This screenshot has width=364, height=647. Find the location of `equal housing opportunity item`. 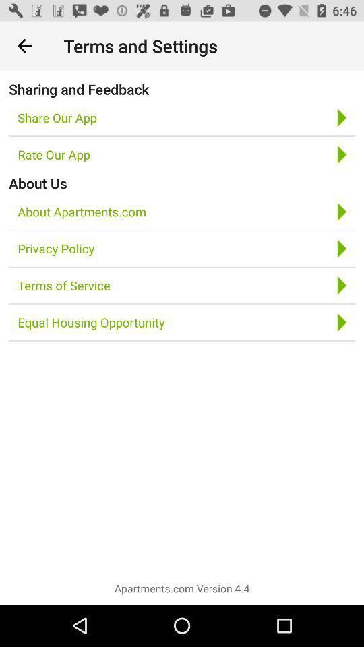

equal housing opportunity item is located at coordinates (91, 322).